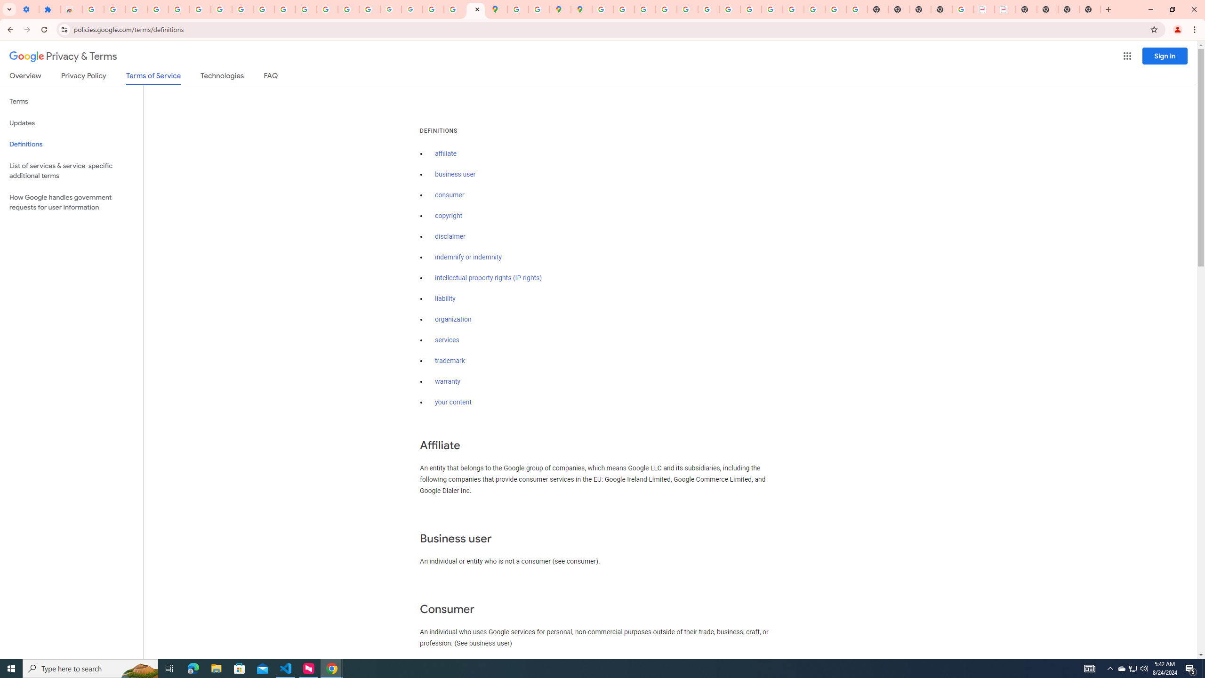  Describe the element at coordinates (447, 339) in the screenshot. I see `'services'` at that location.